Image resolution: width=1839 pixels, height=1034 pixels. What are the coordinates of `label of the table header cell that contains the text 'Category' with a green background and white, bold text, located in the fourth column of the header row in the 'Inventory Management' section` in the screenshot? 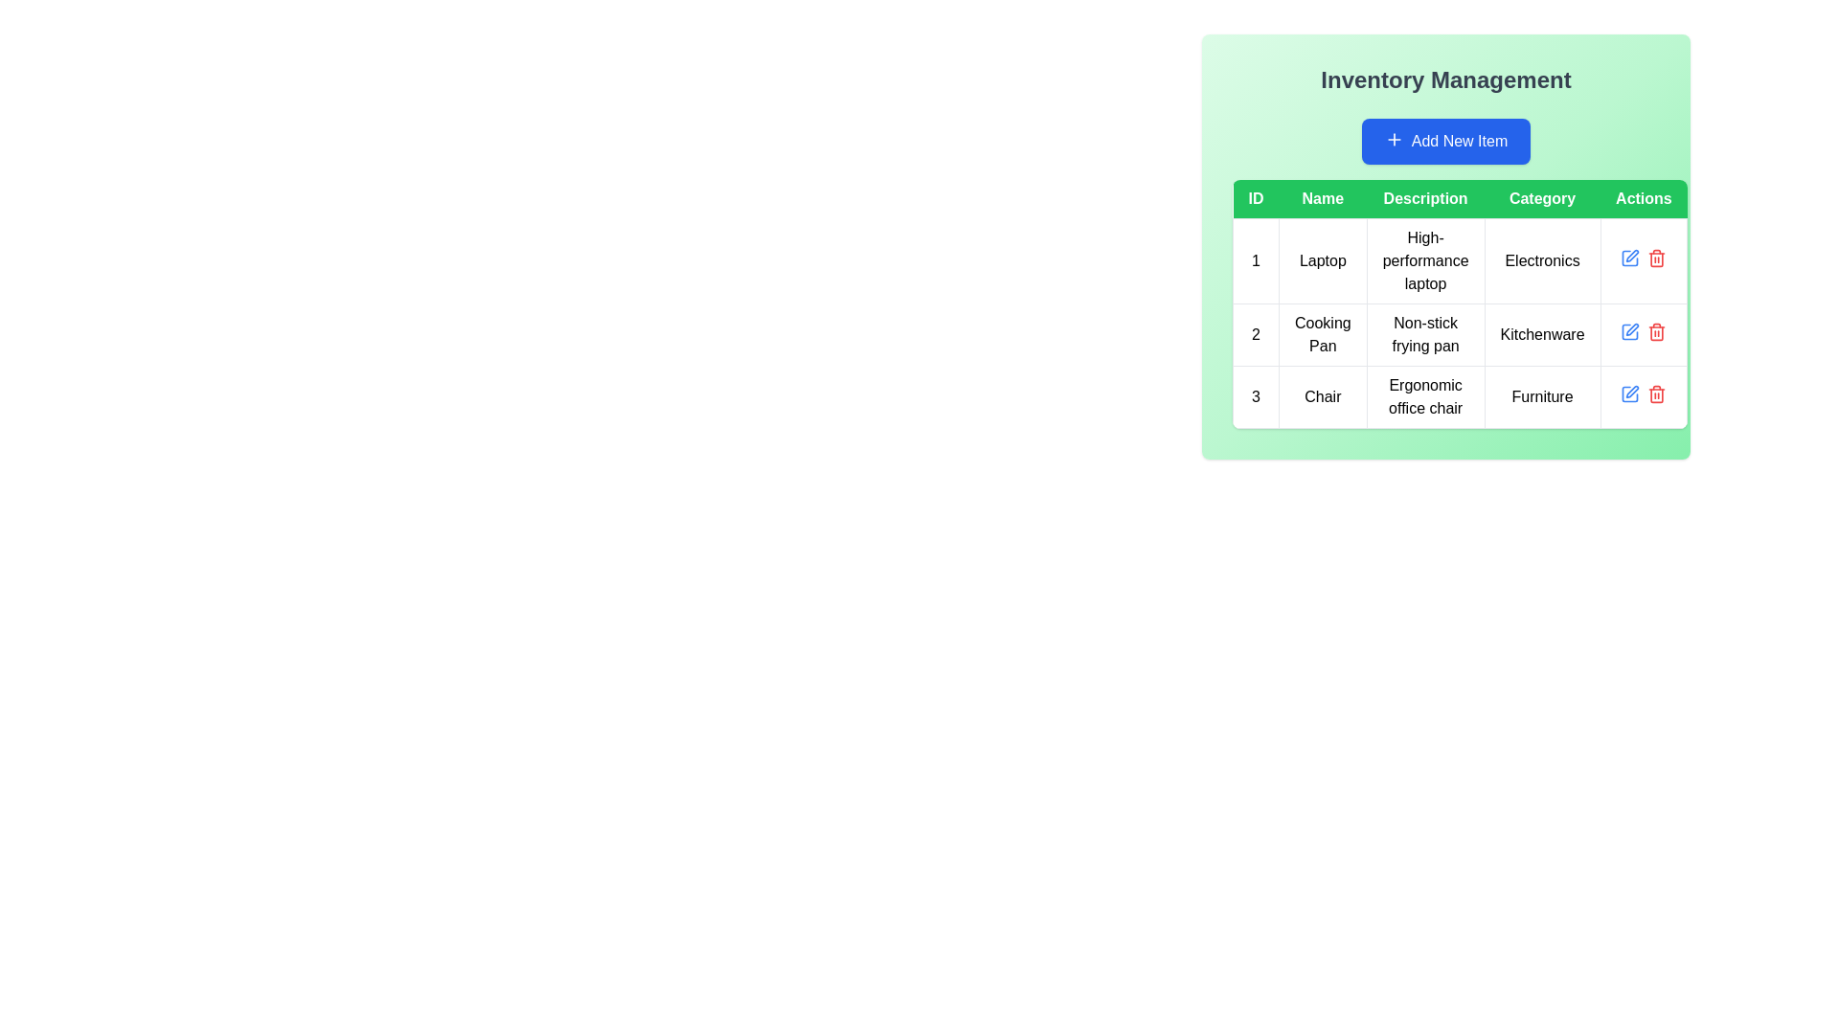 It's located at (1542, 199).